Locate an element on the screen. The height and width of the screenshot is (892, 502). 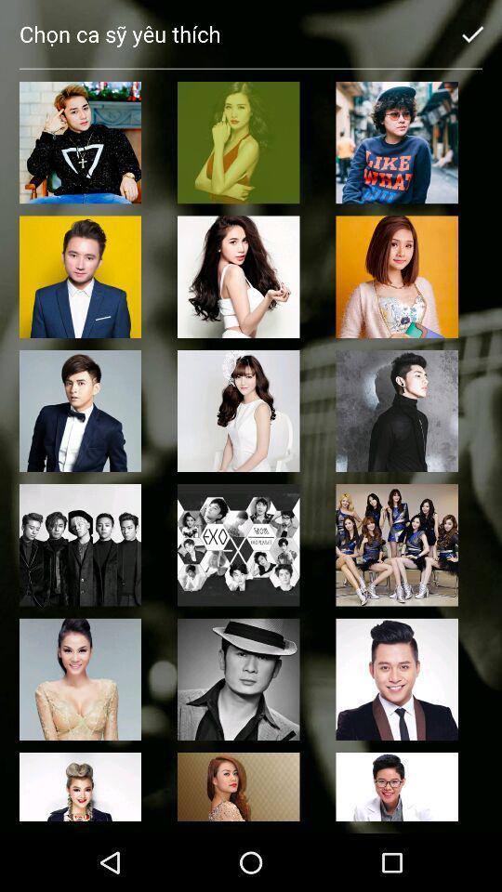
the check icon is located at coordinates (472, 33).